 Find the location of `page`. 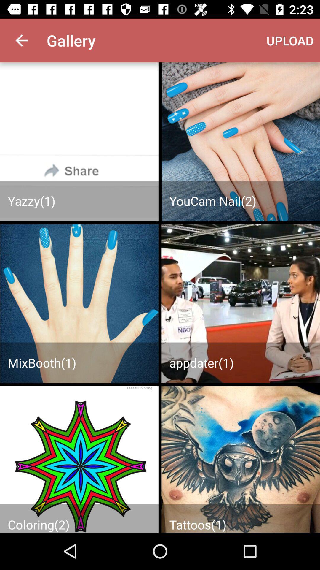

page is located at coordinates (241, 303).